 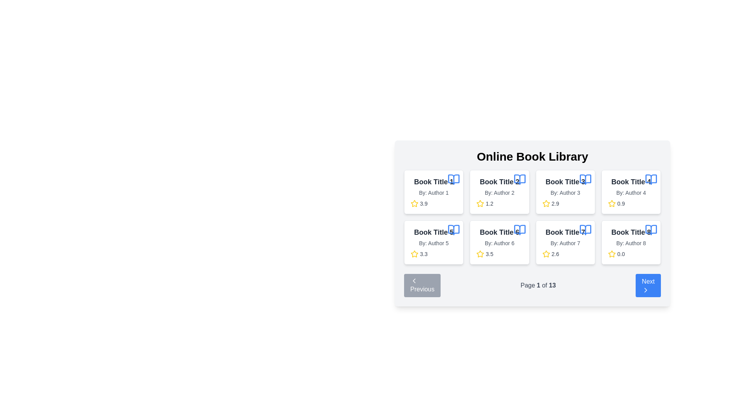 I want to click on the book-related icon located in the top-right corner of the card containing 'Book Title 5' and 'By: Author 5' for actions, so click(x=453, y=230).